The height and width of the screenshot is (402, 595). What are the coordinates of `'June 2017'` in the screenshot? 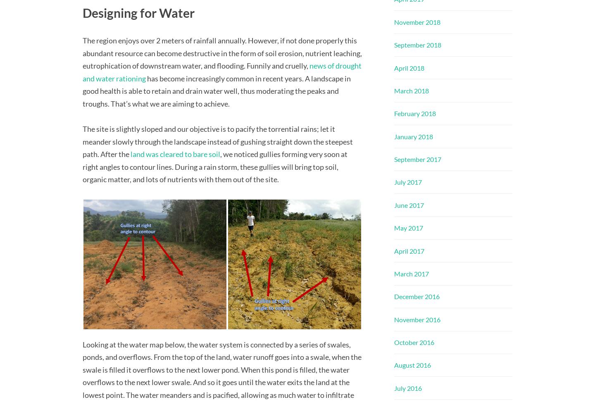 It's located at (409, 204).